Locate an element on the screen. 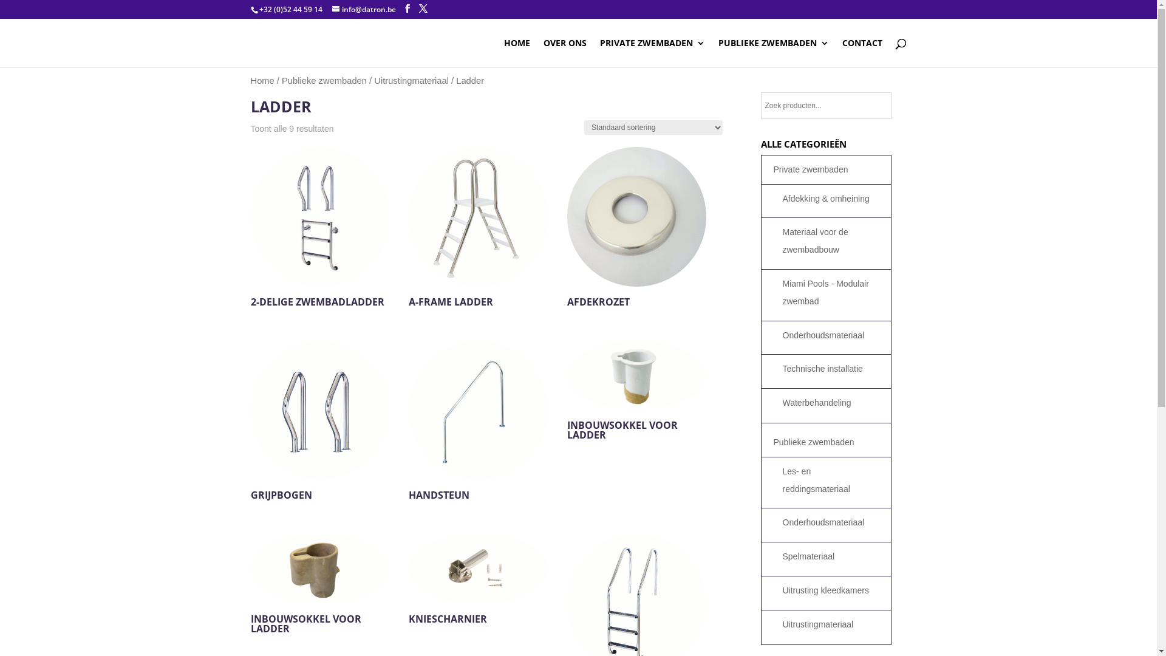  'Home' is located at coordinates (261, 80).